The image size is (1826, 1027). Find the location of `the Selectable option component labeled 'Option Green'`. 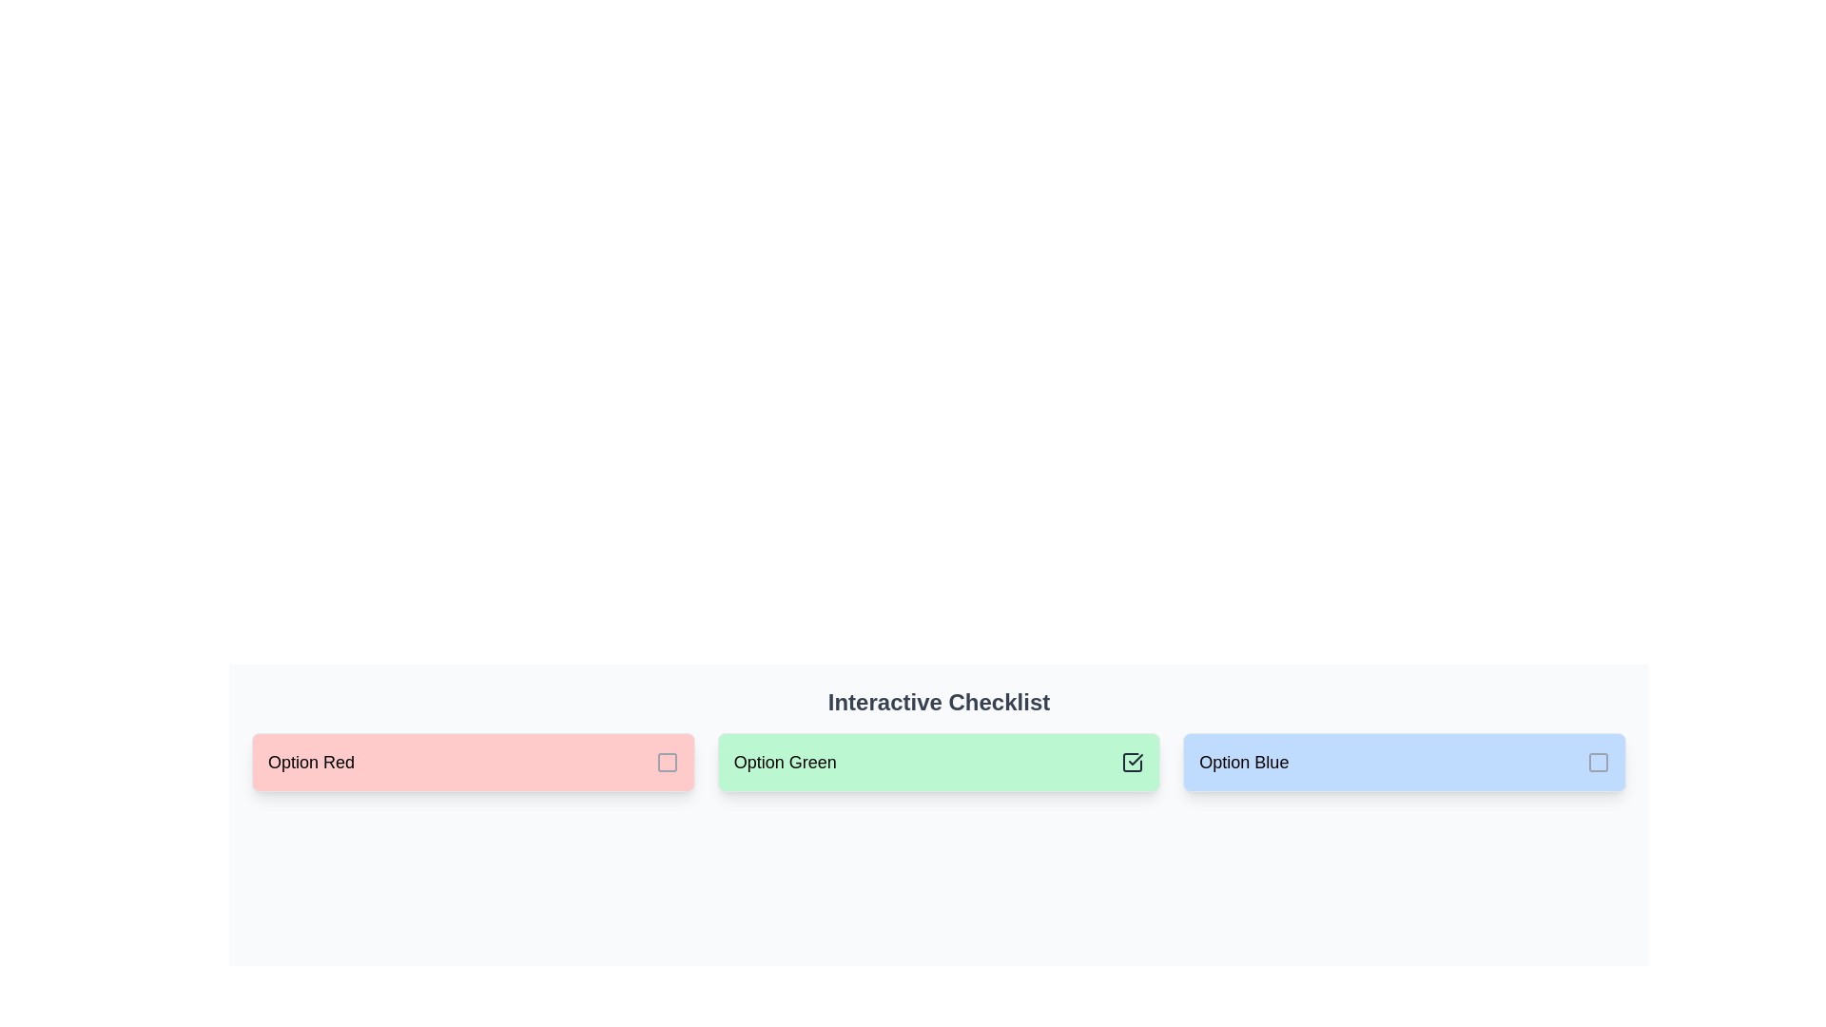

the Selectable option component labeled 'Option Green' is located at coordinates (939, 762).